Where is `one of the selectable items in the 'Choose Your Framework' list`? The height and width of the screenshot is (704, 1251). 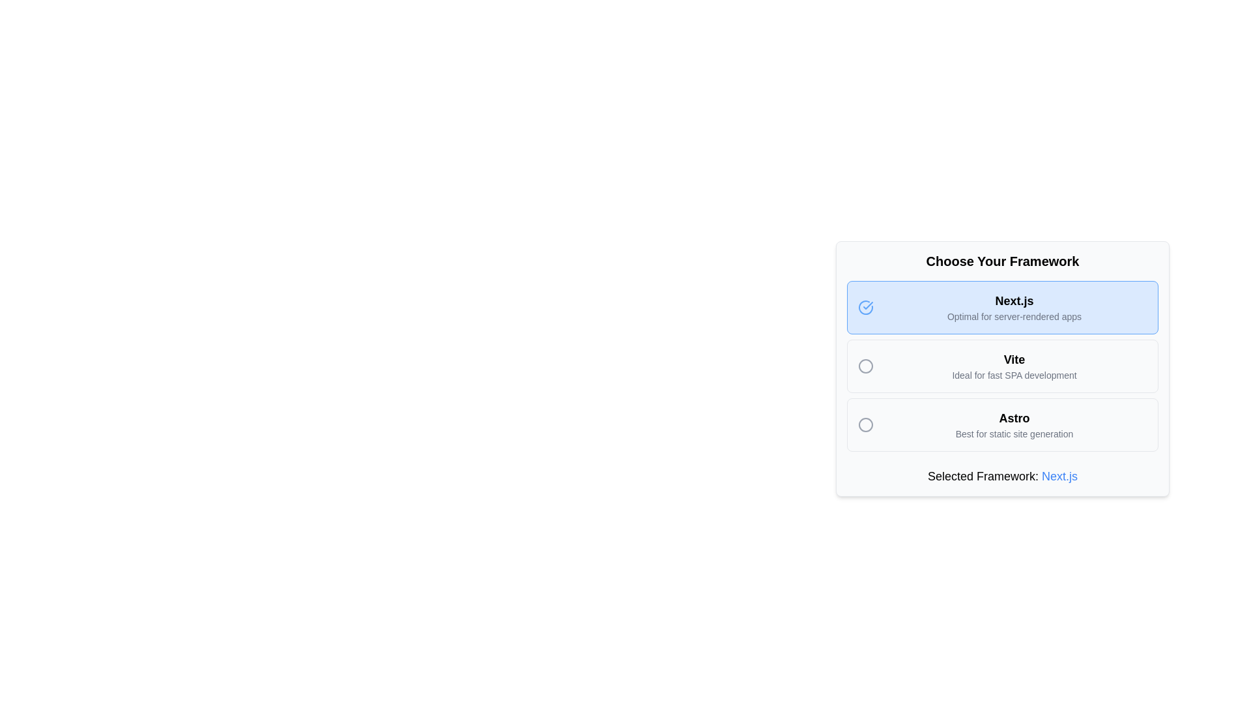
one of the selectable items in the 'Choose Your Framework' list is located at coordinates (1002, 366).